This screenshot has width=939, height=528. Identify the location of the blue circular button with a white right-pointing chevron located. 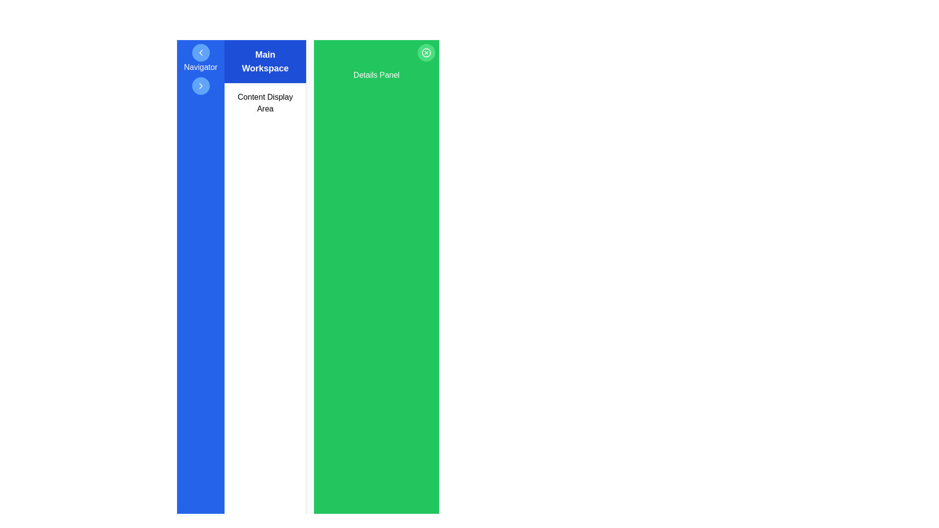
(200, 86).